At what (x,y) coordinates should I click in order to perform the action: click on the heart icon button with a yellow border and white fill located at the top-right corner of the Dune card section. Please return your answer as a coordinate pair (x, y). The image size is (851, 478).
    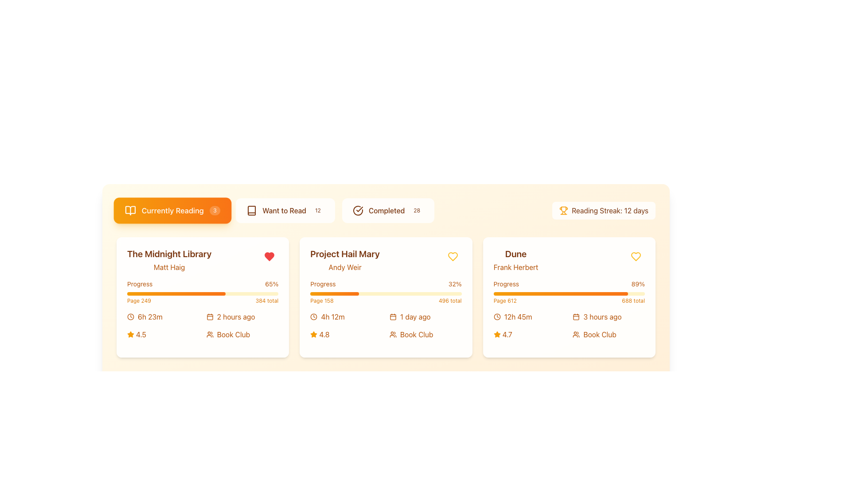
    Looking at the image, I should click on (636, 256).